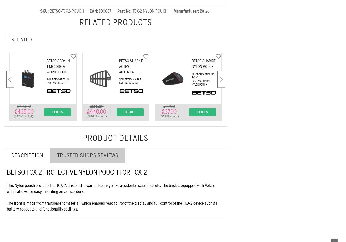  Describe the element at coordinates (191, 64) in the screenshot. I see `'Betso Sharkie Nylon Pouch'` at that location.